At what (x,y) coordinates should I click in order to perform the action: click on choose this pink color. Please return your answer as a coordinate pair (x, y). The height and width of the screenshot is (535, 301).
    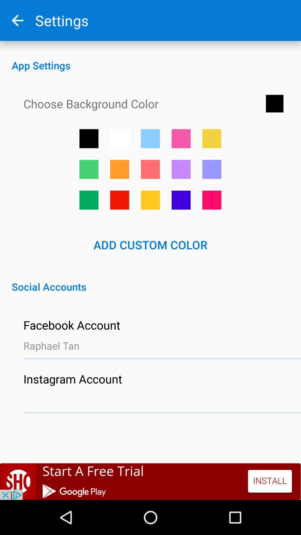
    Looking at the image, I should click on (150, 169).